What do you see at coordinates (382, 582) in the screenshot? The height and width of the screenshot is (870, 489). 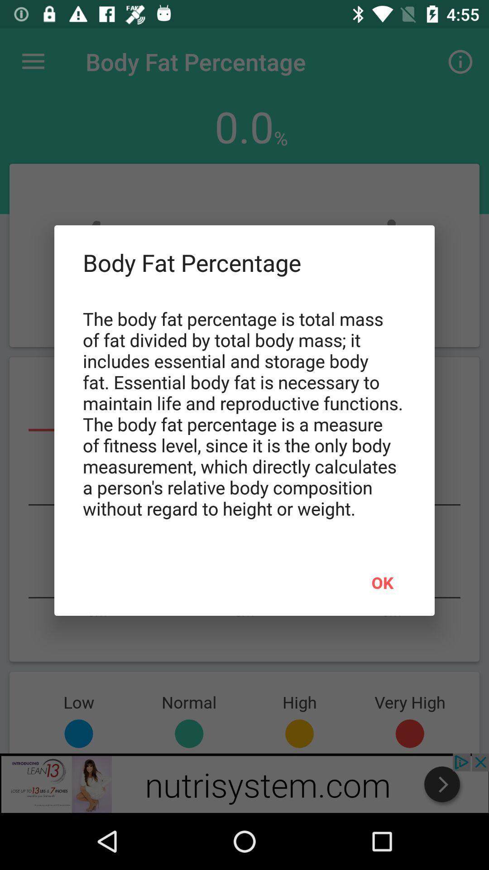 I see `the ok at the bottom right corner` at bounding box center [382, 582].